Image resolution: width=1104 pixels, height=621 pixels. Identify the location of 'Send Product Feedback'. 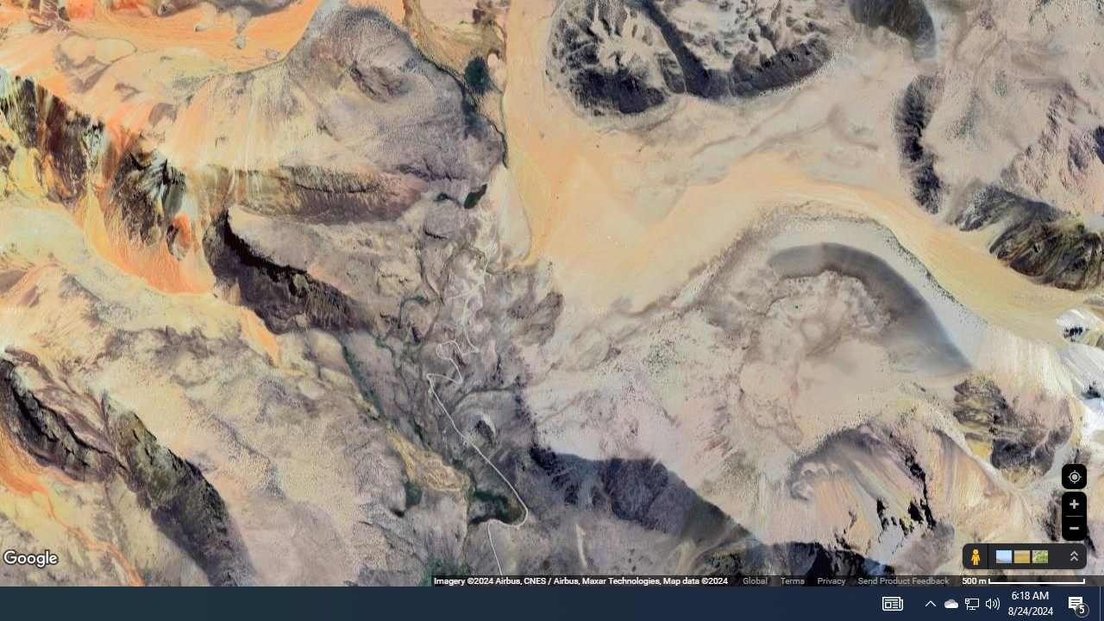
(902, 580).